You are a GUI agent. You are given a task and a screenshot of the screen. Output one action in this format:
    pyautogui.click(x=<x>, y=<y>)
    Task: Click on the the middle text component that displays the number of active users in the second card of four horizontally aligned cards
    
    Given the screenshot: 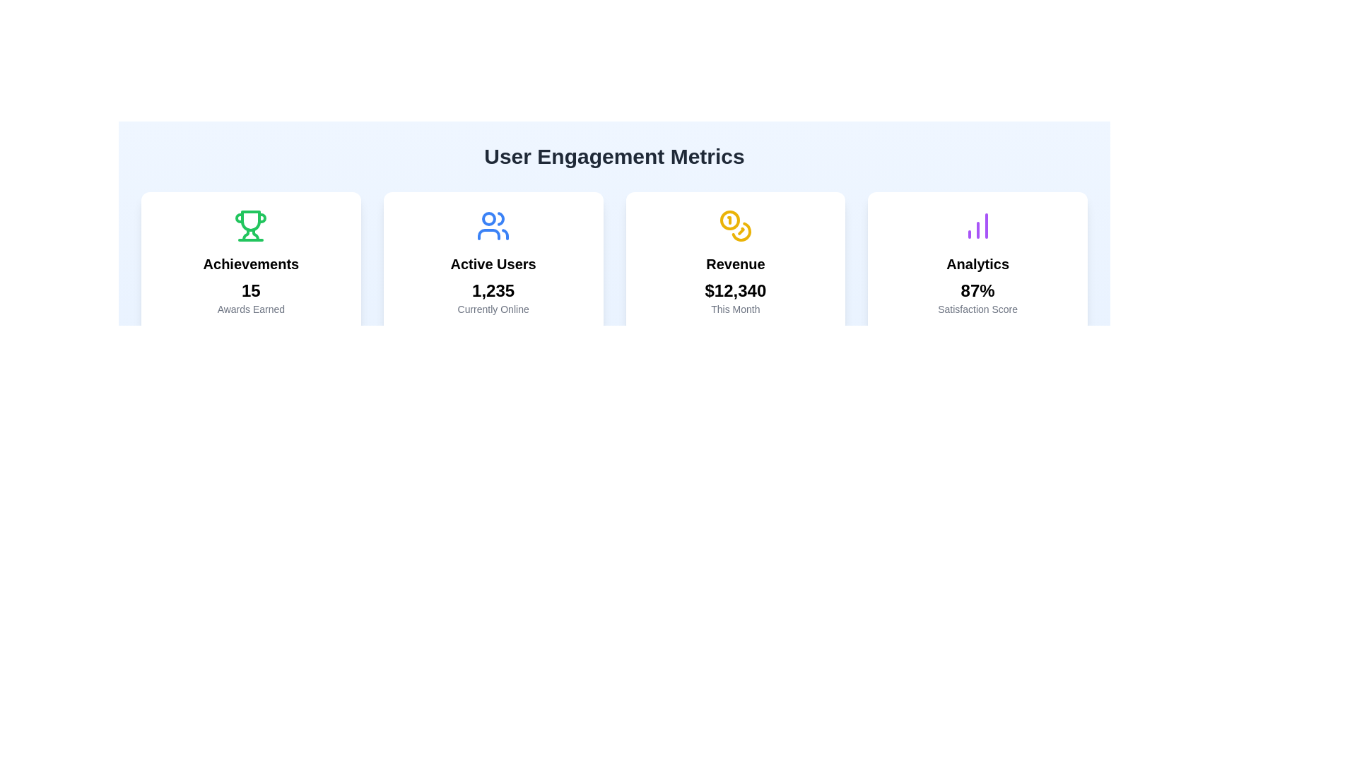 What is the action you would take?
    pyautogui.click(x=493, y=290)
    